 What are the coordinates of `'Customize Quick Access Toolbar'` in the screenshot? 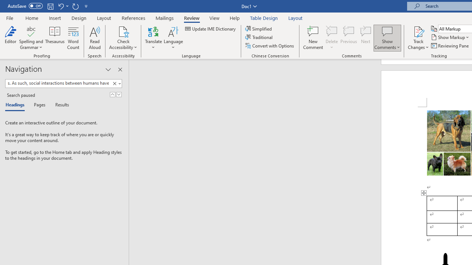 It's located at (86, 6).